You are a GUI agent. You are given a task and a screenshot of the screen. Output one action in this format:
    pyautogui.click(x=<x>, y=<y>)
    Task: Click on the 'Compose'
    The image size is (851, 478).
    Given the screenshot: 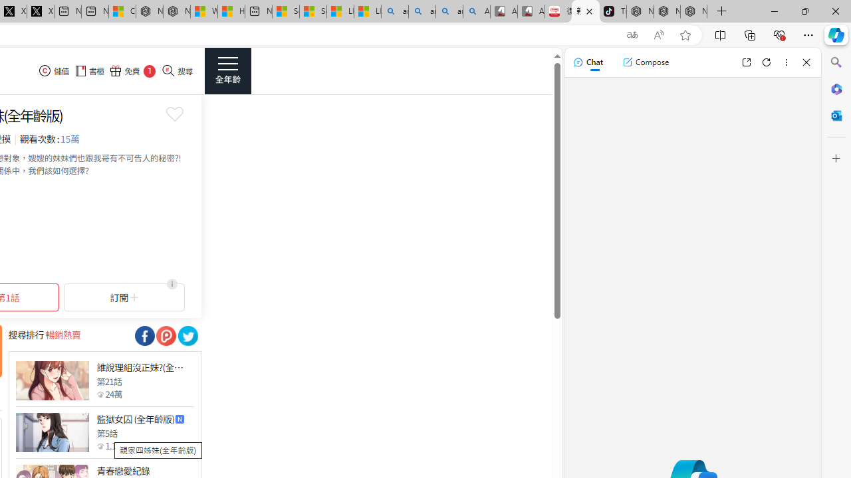 What is the action you would take?
    pyautogui.click(x=646, y=62)
    